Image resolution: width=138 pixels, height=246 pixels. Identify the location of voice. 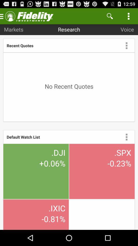
(127, 29).